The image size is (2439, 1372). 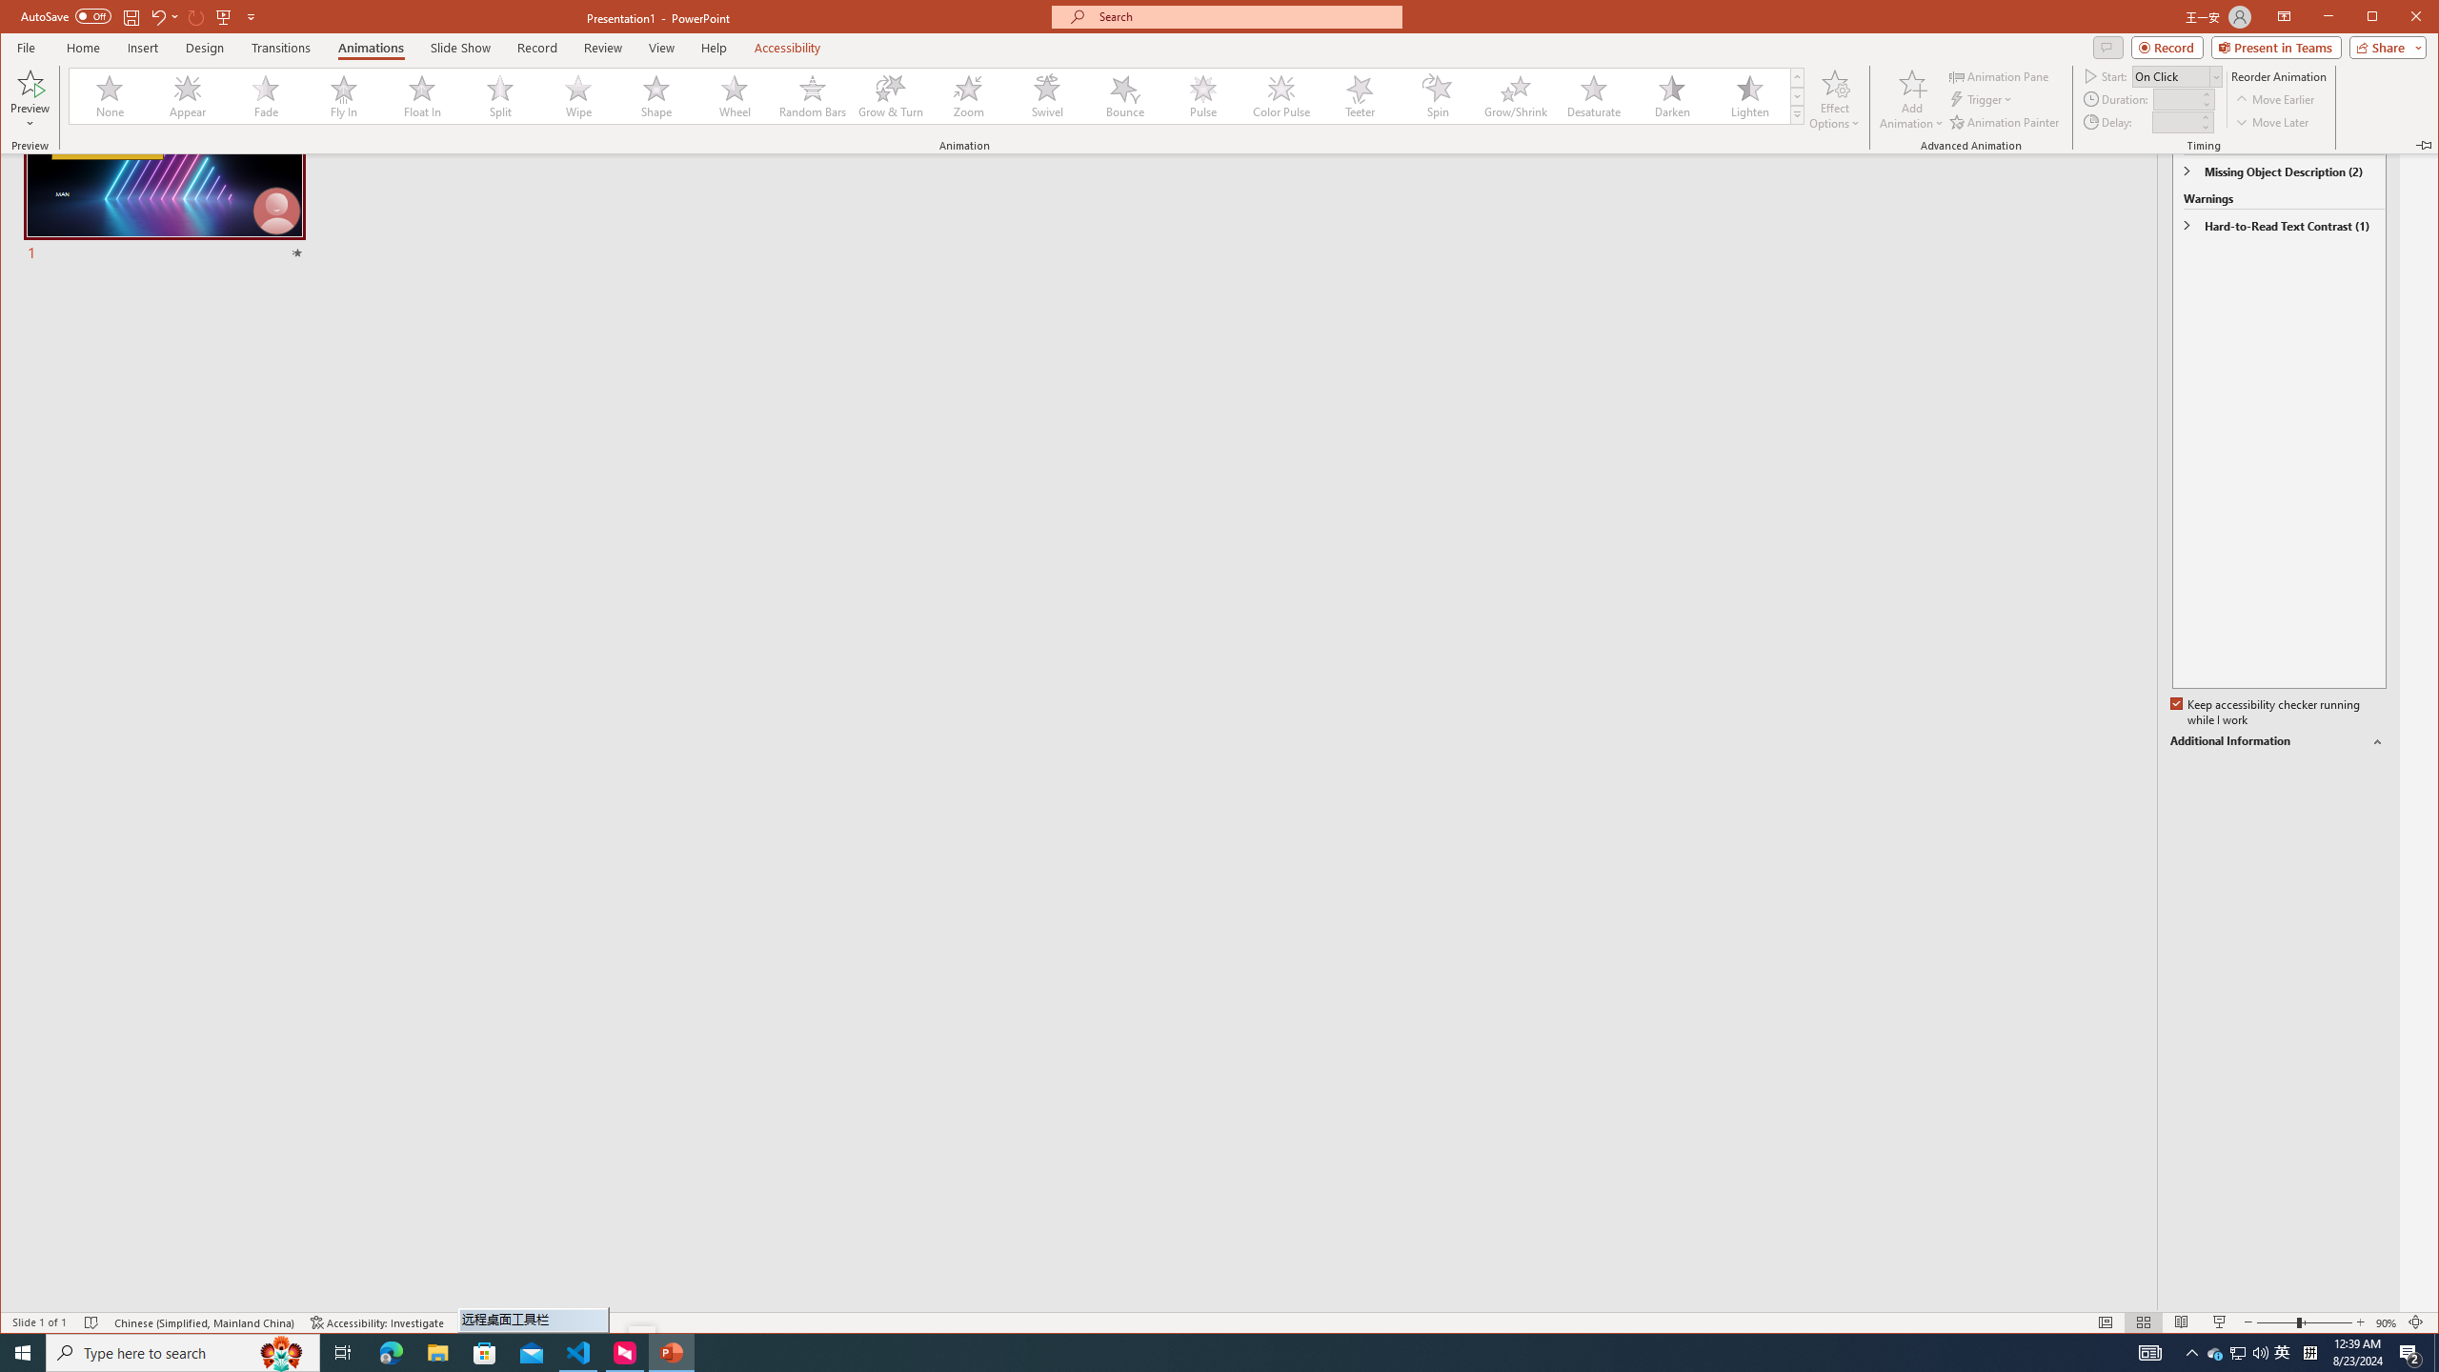 I want to click on 'Review', so click(x=602, y=47).